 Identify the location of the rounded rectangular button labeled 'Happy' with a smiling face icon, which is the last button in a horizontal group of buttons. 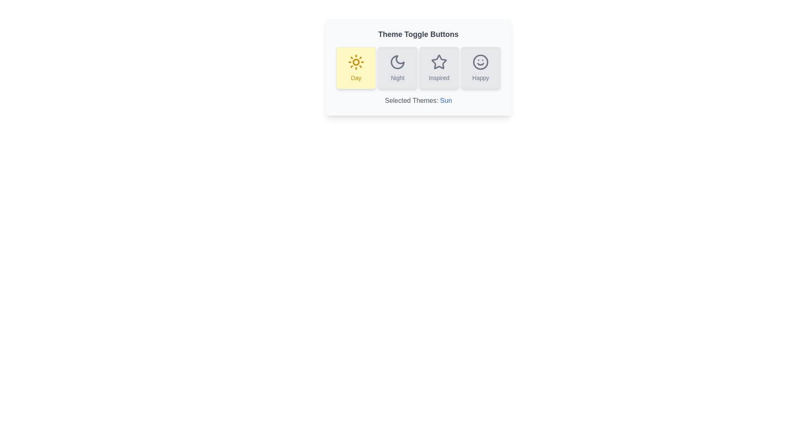
(480, 68).